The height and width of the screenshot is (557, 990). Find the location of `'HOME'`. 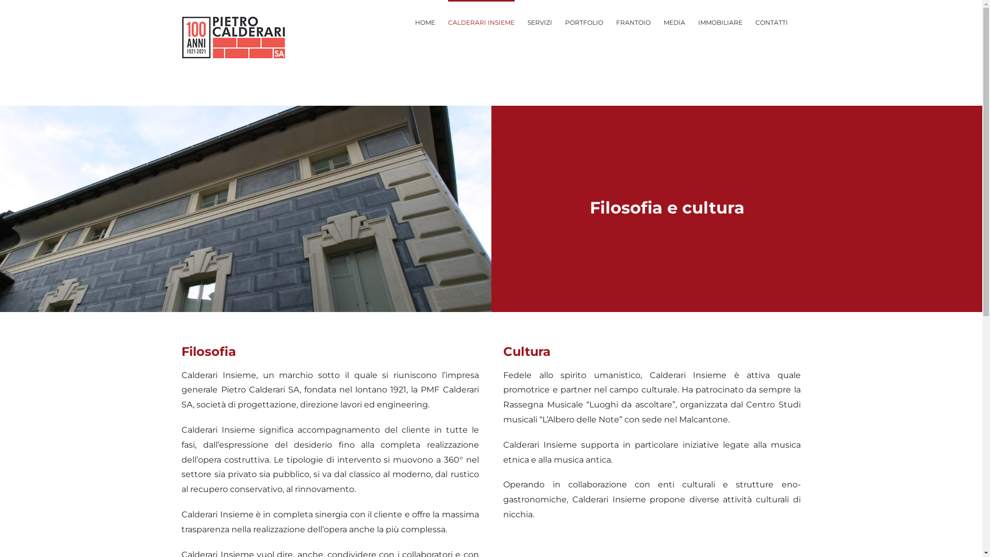

'HOME' is located at coordinates (424, 22).